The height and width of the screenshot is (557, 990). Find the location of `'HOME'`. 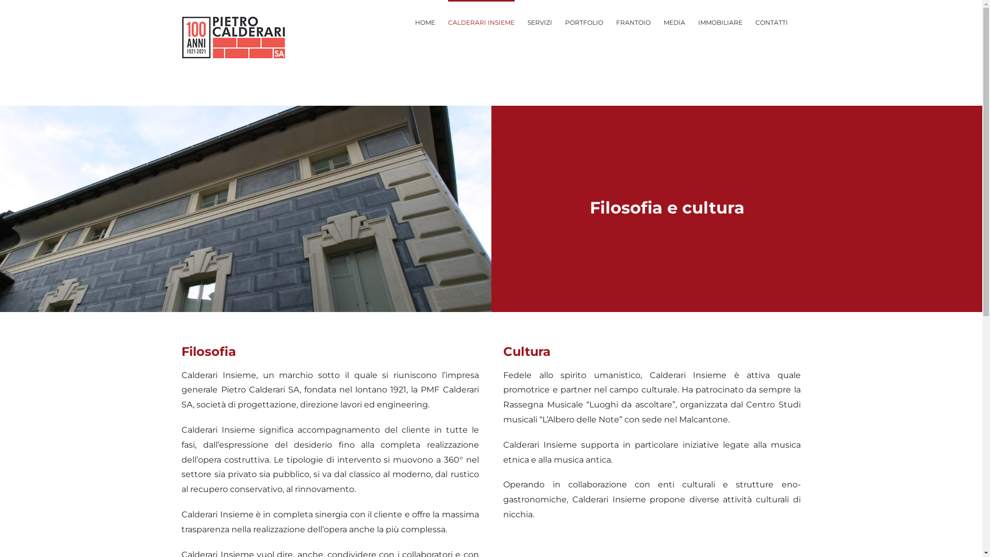

'HOME' is located at coordinates (424, 22).